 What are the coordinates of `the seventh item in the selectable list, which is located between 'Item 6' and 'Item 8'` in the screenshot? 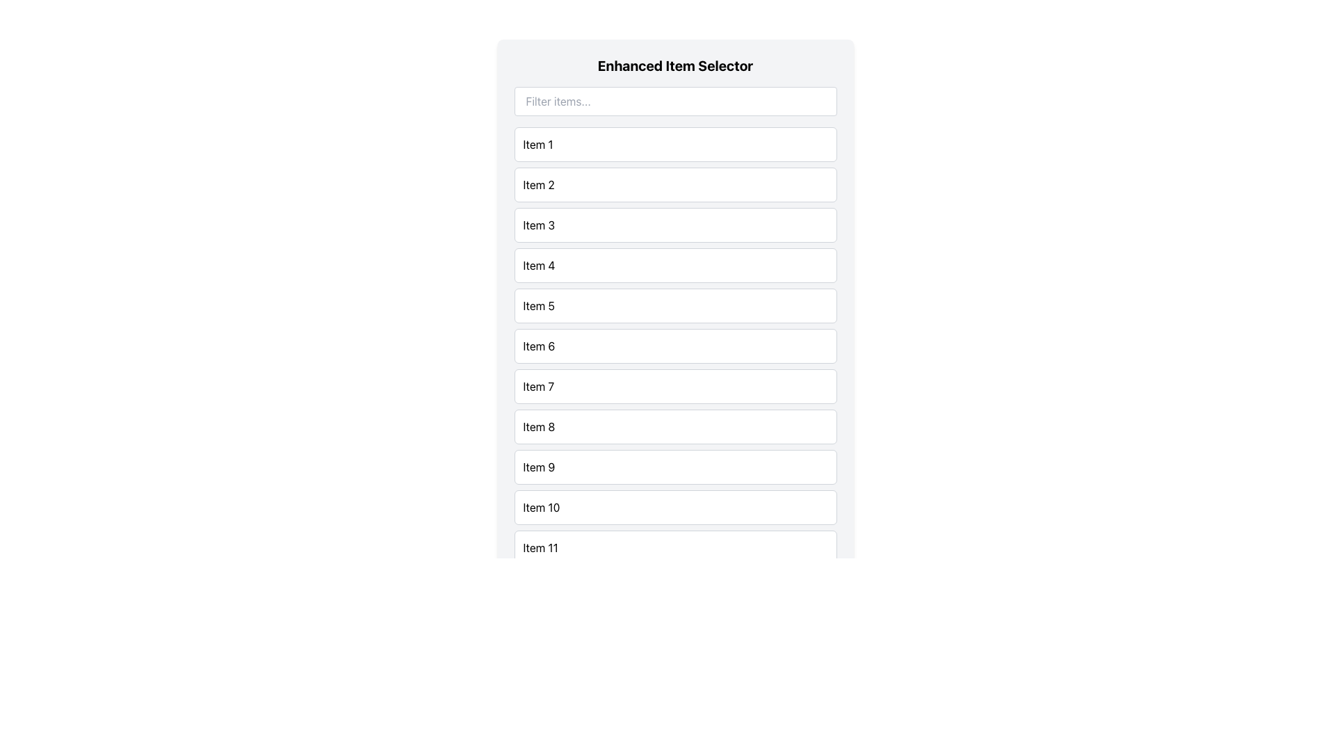 It's located at (675, 386).